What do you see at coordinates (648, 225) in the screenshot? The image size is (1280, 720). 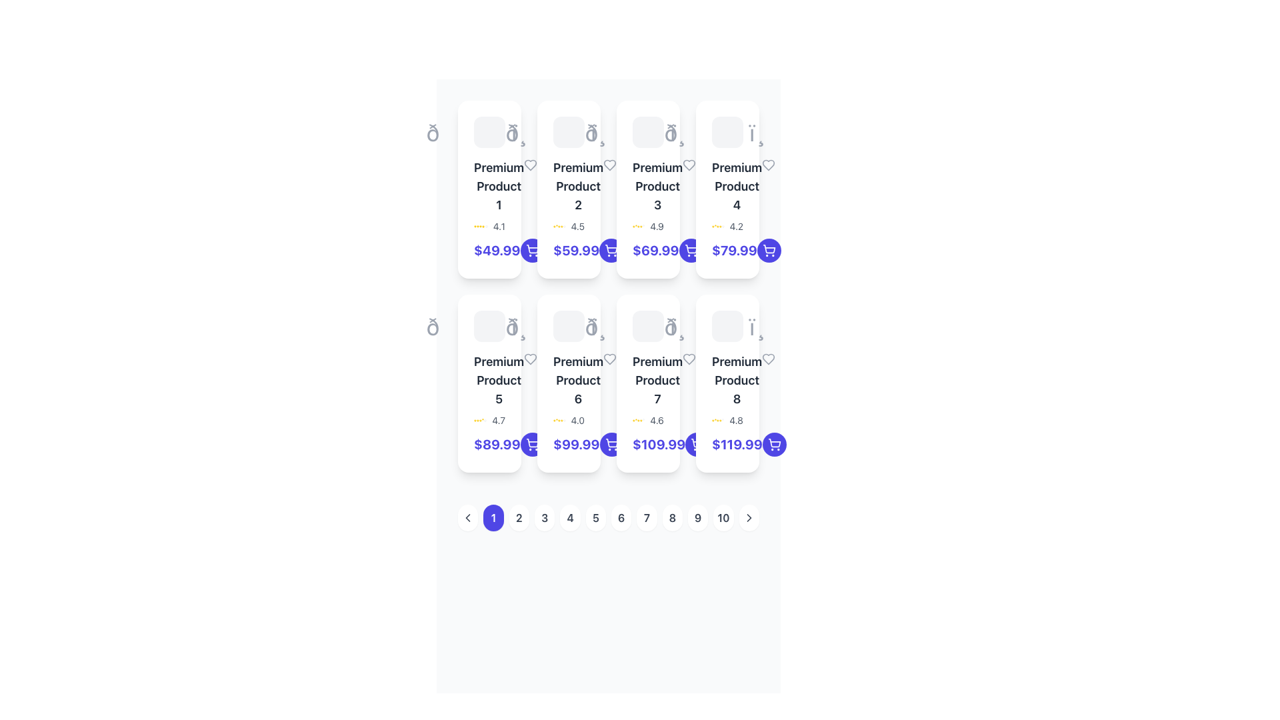 I see `the rating display component showing a rating of '4.9' with filled yellow stars indicating quality assessment` at bounding box center [648, 225].